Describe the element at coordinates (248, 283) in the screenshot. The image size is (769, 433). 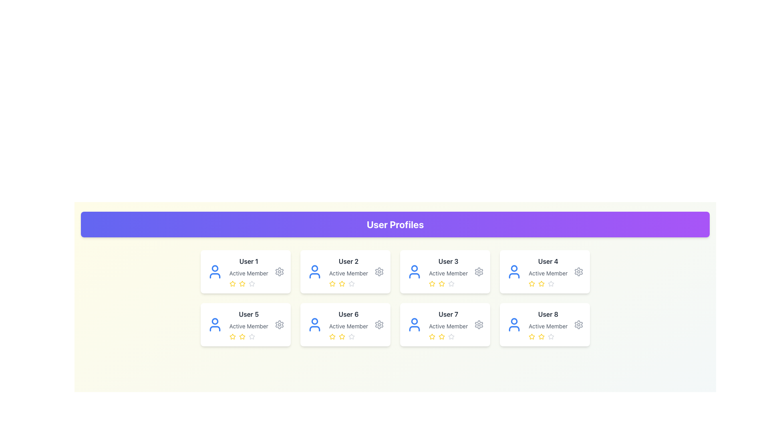
I see `the third star in the rating system for 'User 1' located below 'User 1' and 'Active Member' in the first card of the grid layout` at that location.